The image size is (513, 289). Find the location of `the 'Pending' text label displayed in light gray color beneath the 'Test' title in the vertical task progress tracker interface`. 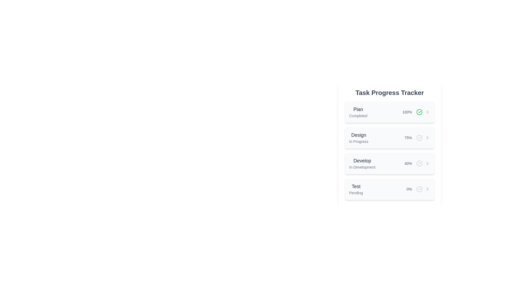

the 'Pending' text label displayed in light gray color beneath the 'Test' title in the vertical task progress tracker interface is located at coordinates (356, 193).